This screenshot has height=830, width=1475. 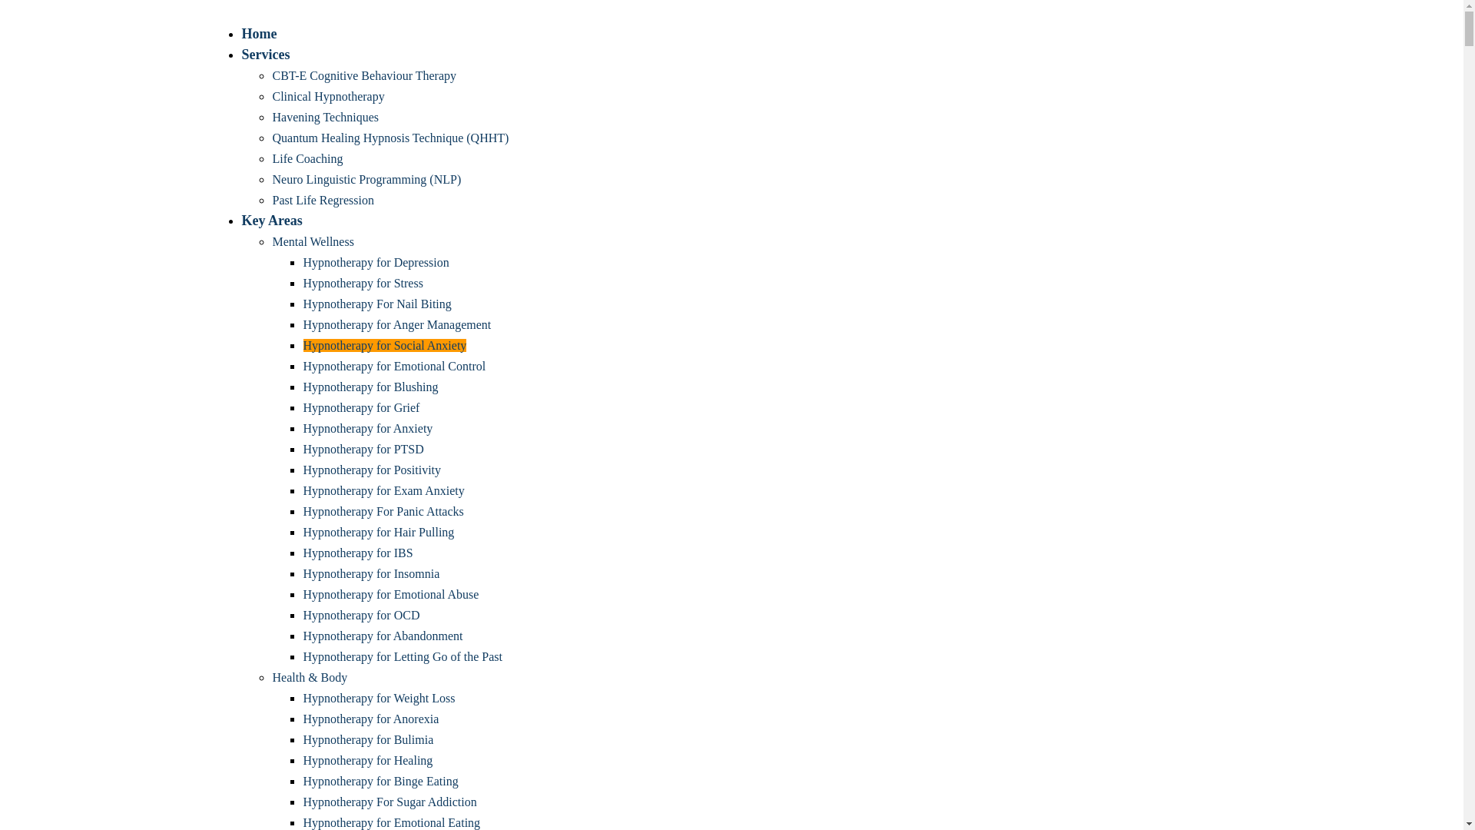 I want to click on 'Hypnotherapy For Nail Biting', so click(x=376, y=304).